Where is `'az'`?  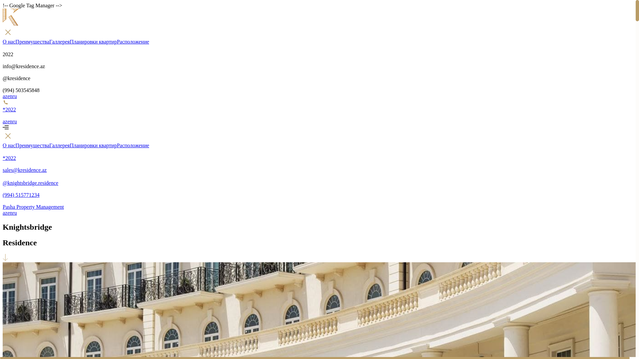
'az' is located at coordinates (3, 121).